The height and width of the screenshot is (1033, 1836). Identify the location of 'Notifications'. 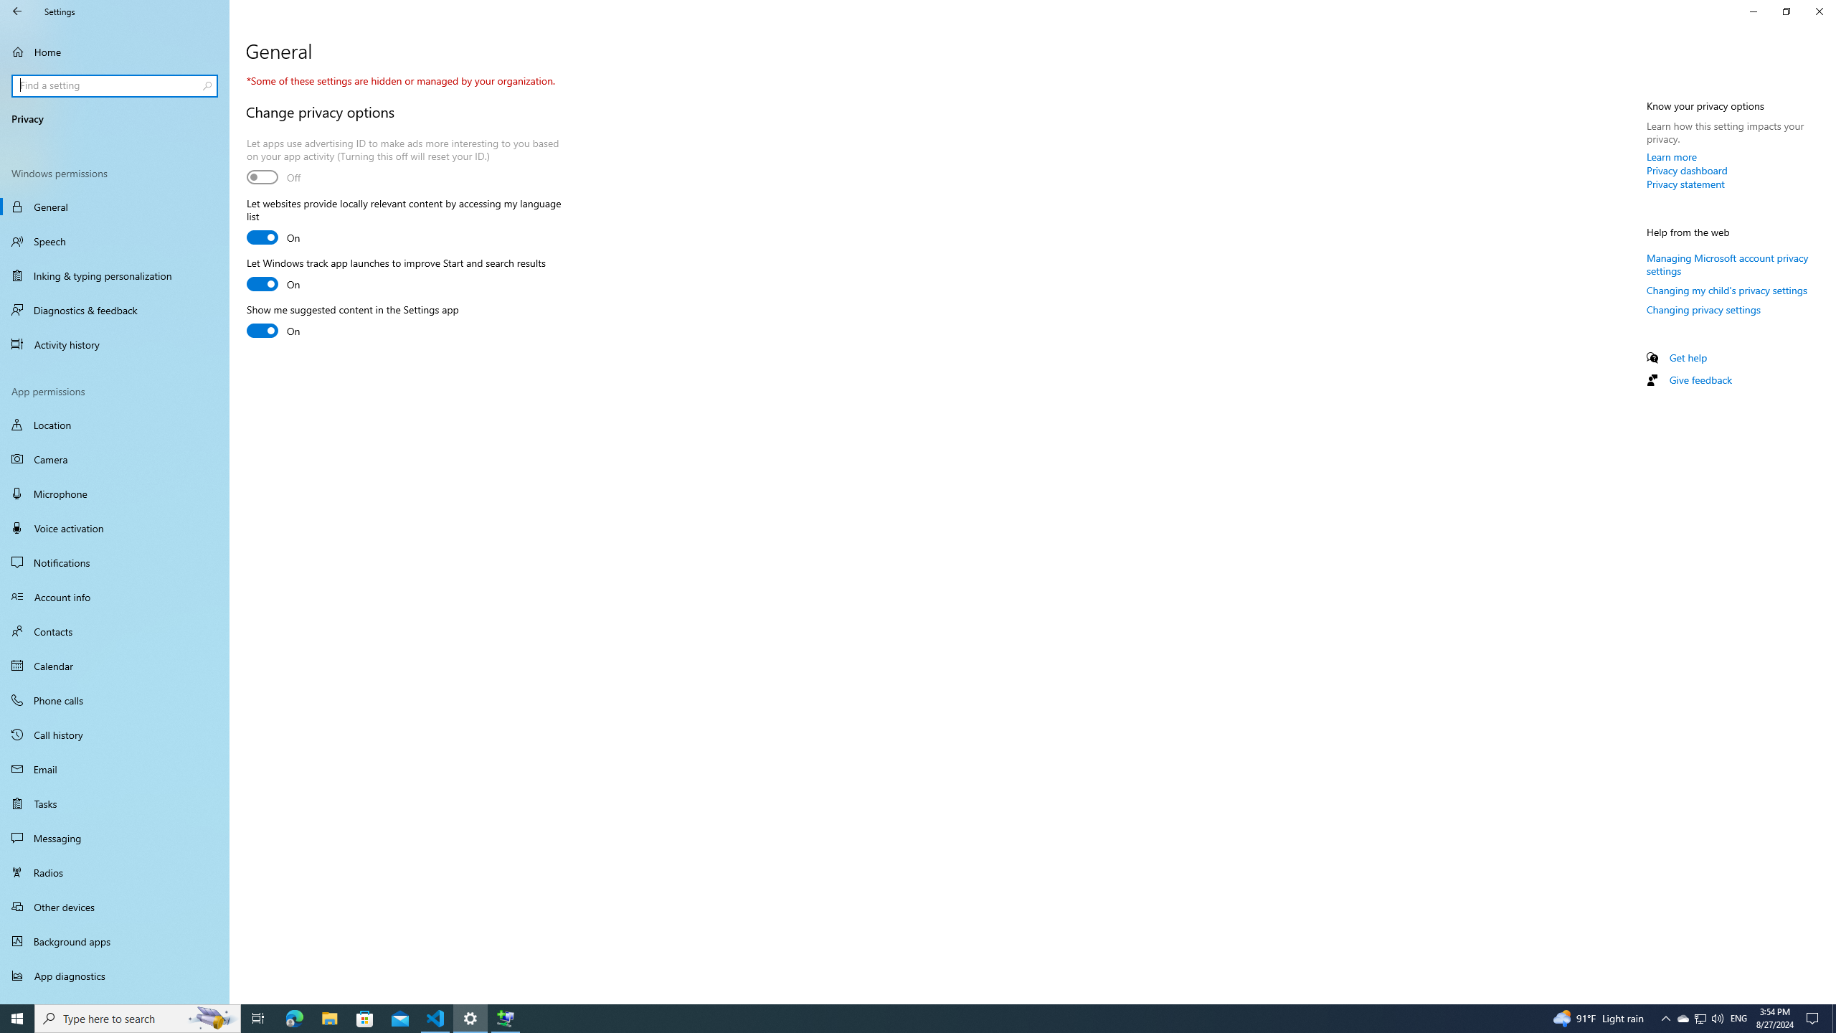
(114, 562).